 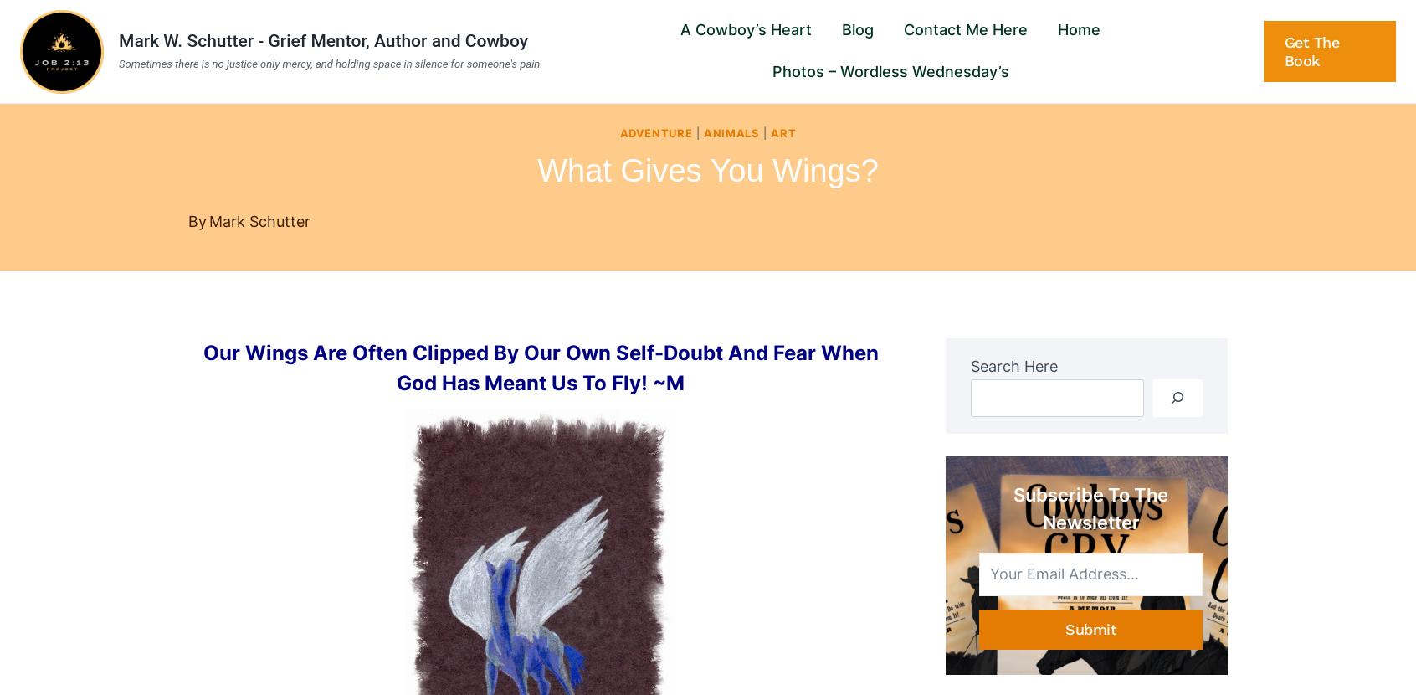 What do you see at coordinates (707, 171) in the screenshot?
I see `'What gives you wings?'` at bounding box center [707, 171].